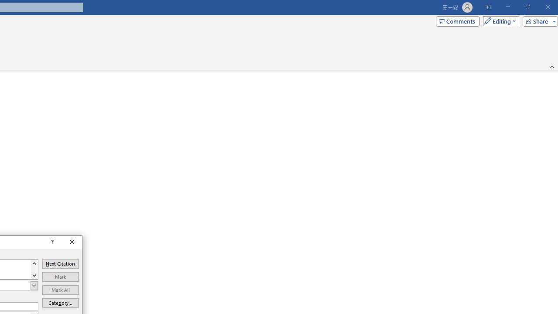 This screenshot has width=558, height=314. What do you see at coordinates (51, 242) in the screenshot?
I see `'Context help'` at bounding box center [51, 242].